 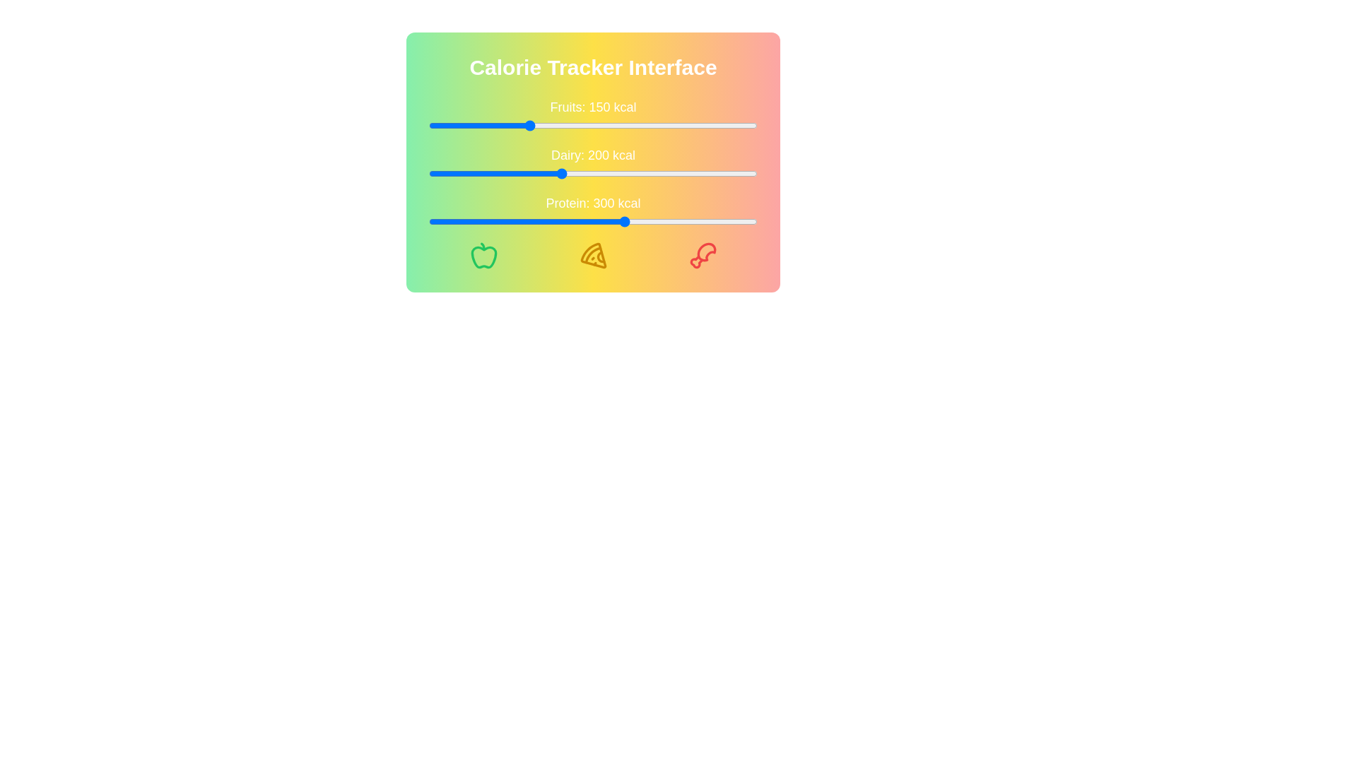 What do you see at coordinates (700, 173) in the screenshot?
I see `the Dairy calorie slider to 413 kcal` at bounding box center [700, 173].